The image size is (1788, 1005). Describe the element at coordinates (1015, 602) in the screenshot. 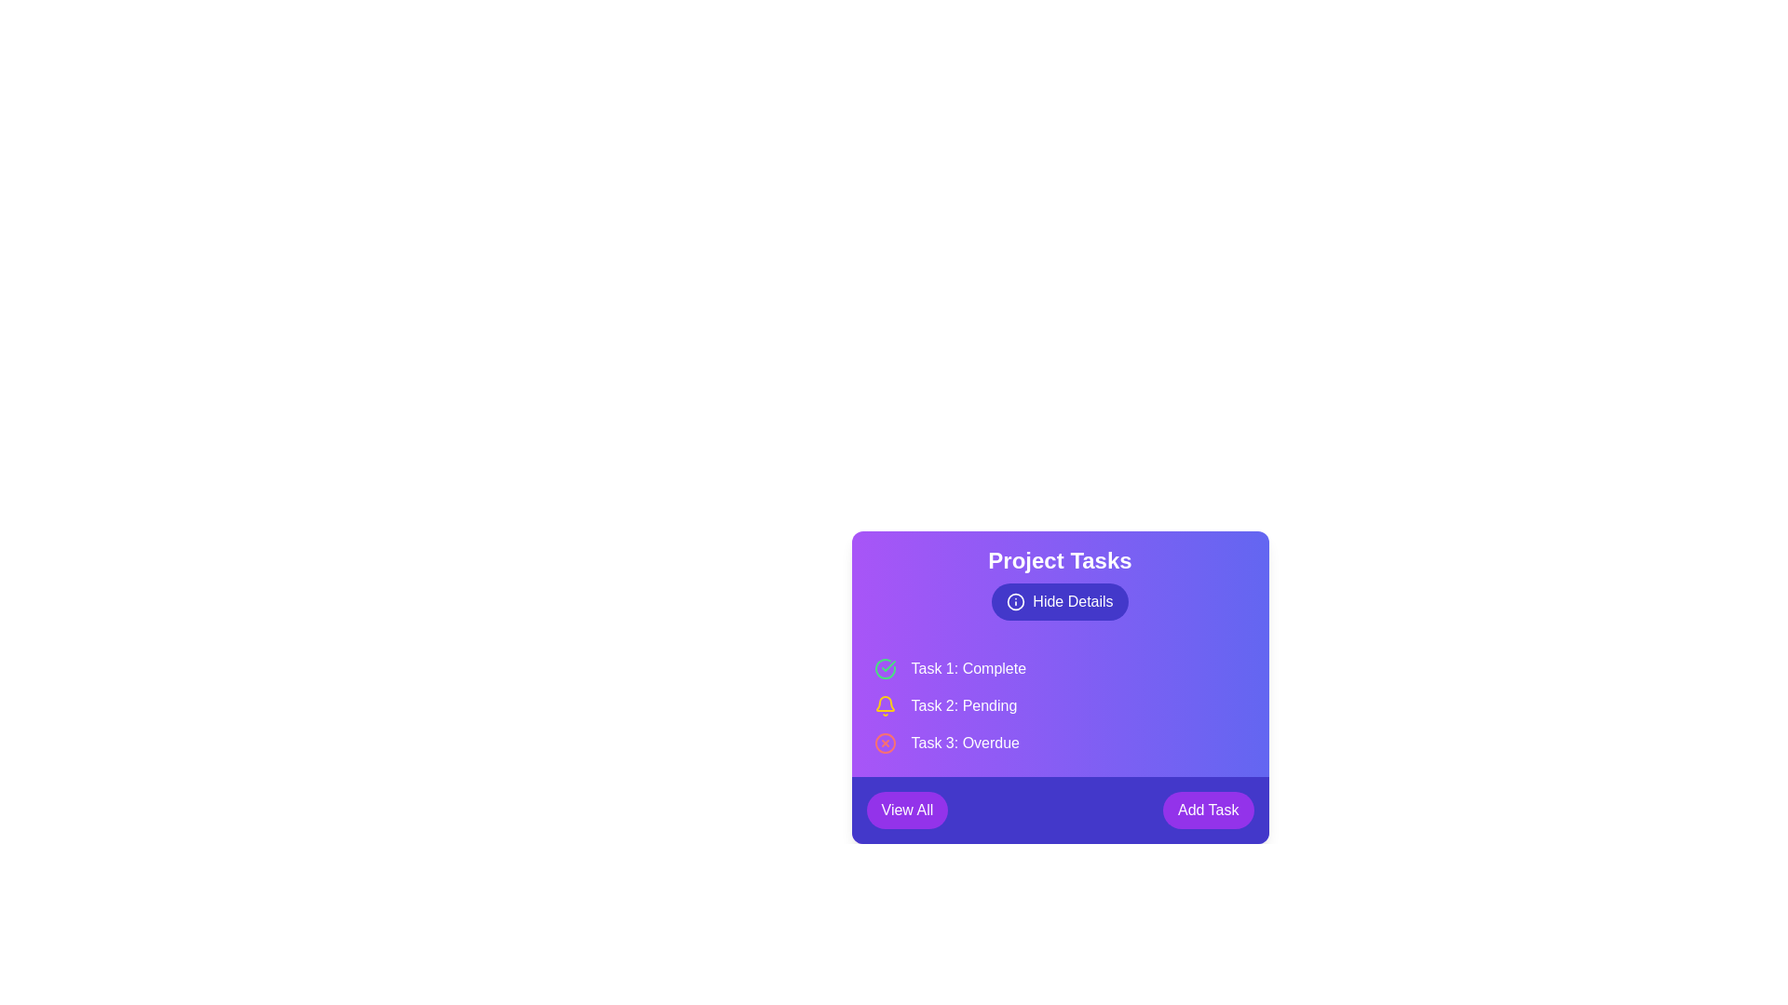

I see `the central circular component of the information icon located next to the 'Hide Details' button in the 'Project Tasks' section` at that location.